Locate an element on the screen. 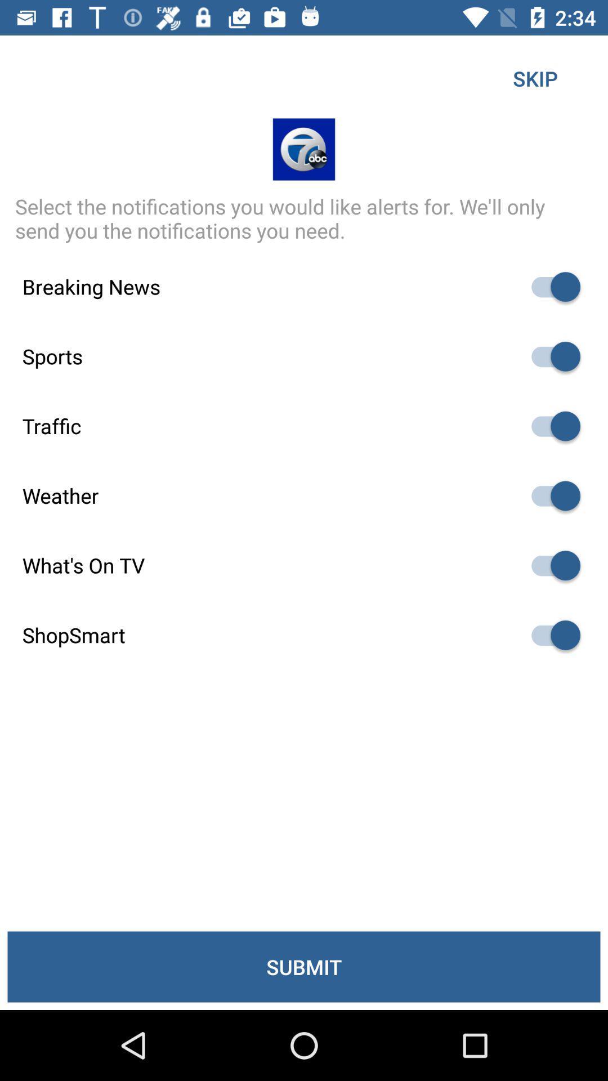 The width and height of the screenshot is (608, 1081). what 's on tv is located at coordinates (550, 565).